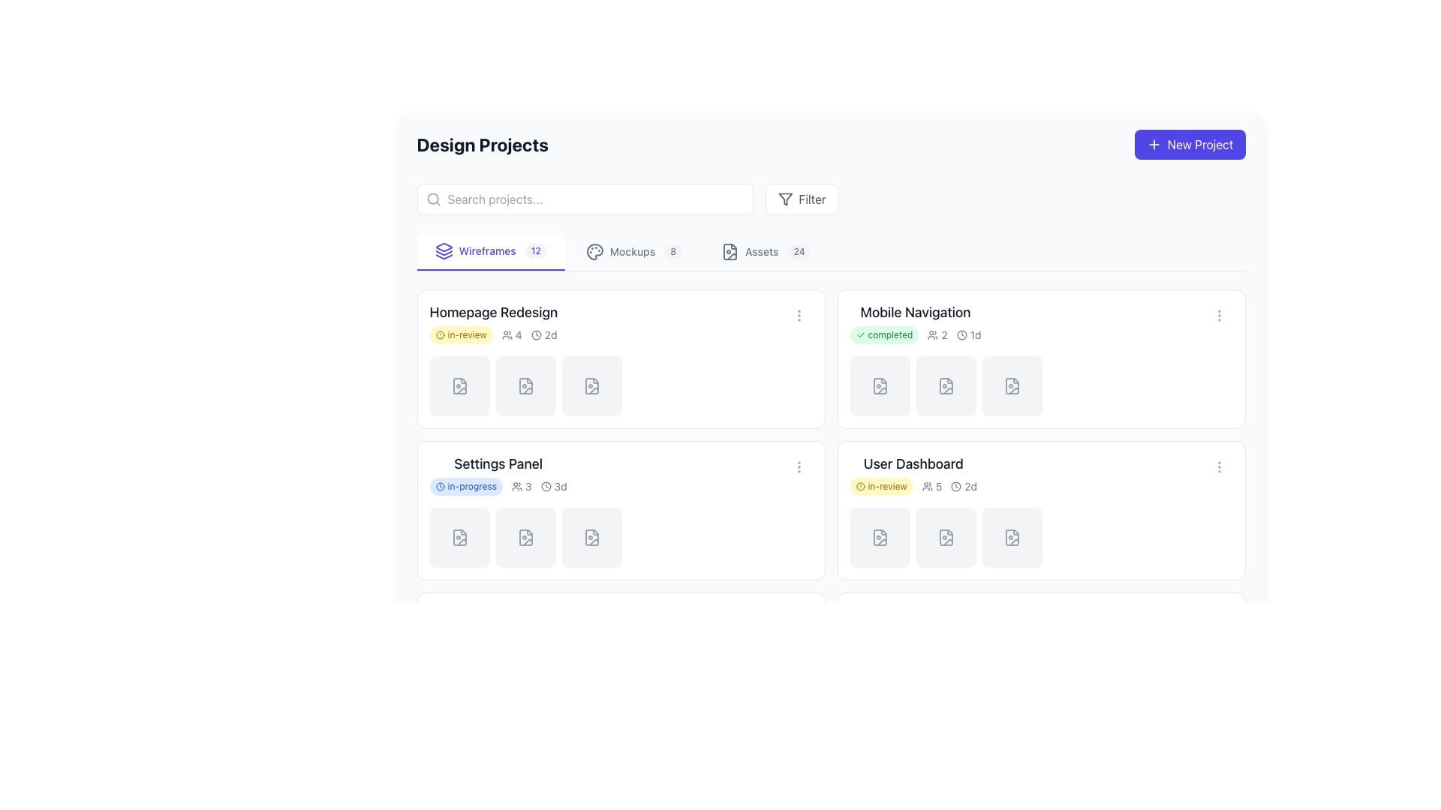 The height and width of the screenshot is (810, 1441). Describe the element at coordinates (1012, 385) in the screenshot. I see `the square-shaped card with a file icon, which is the third element in the Mobile Navigation section` at that location.